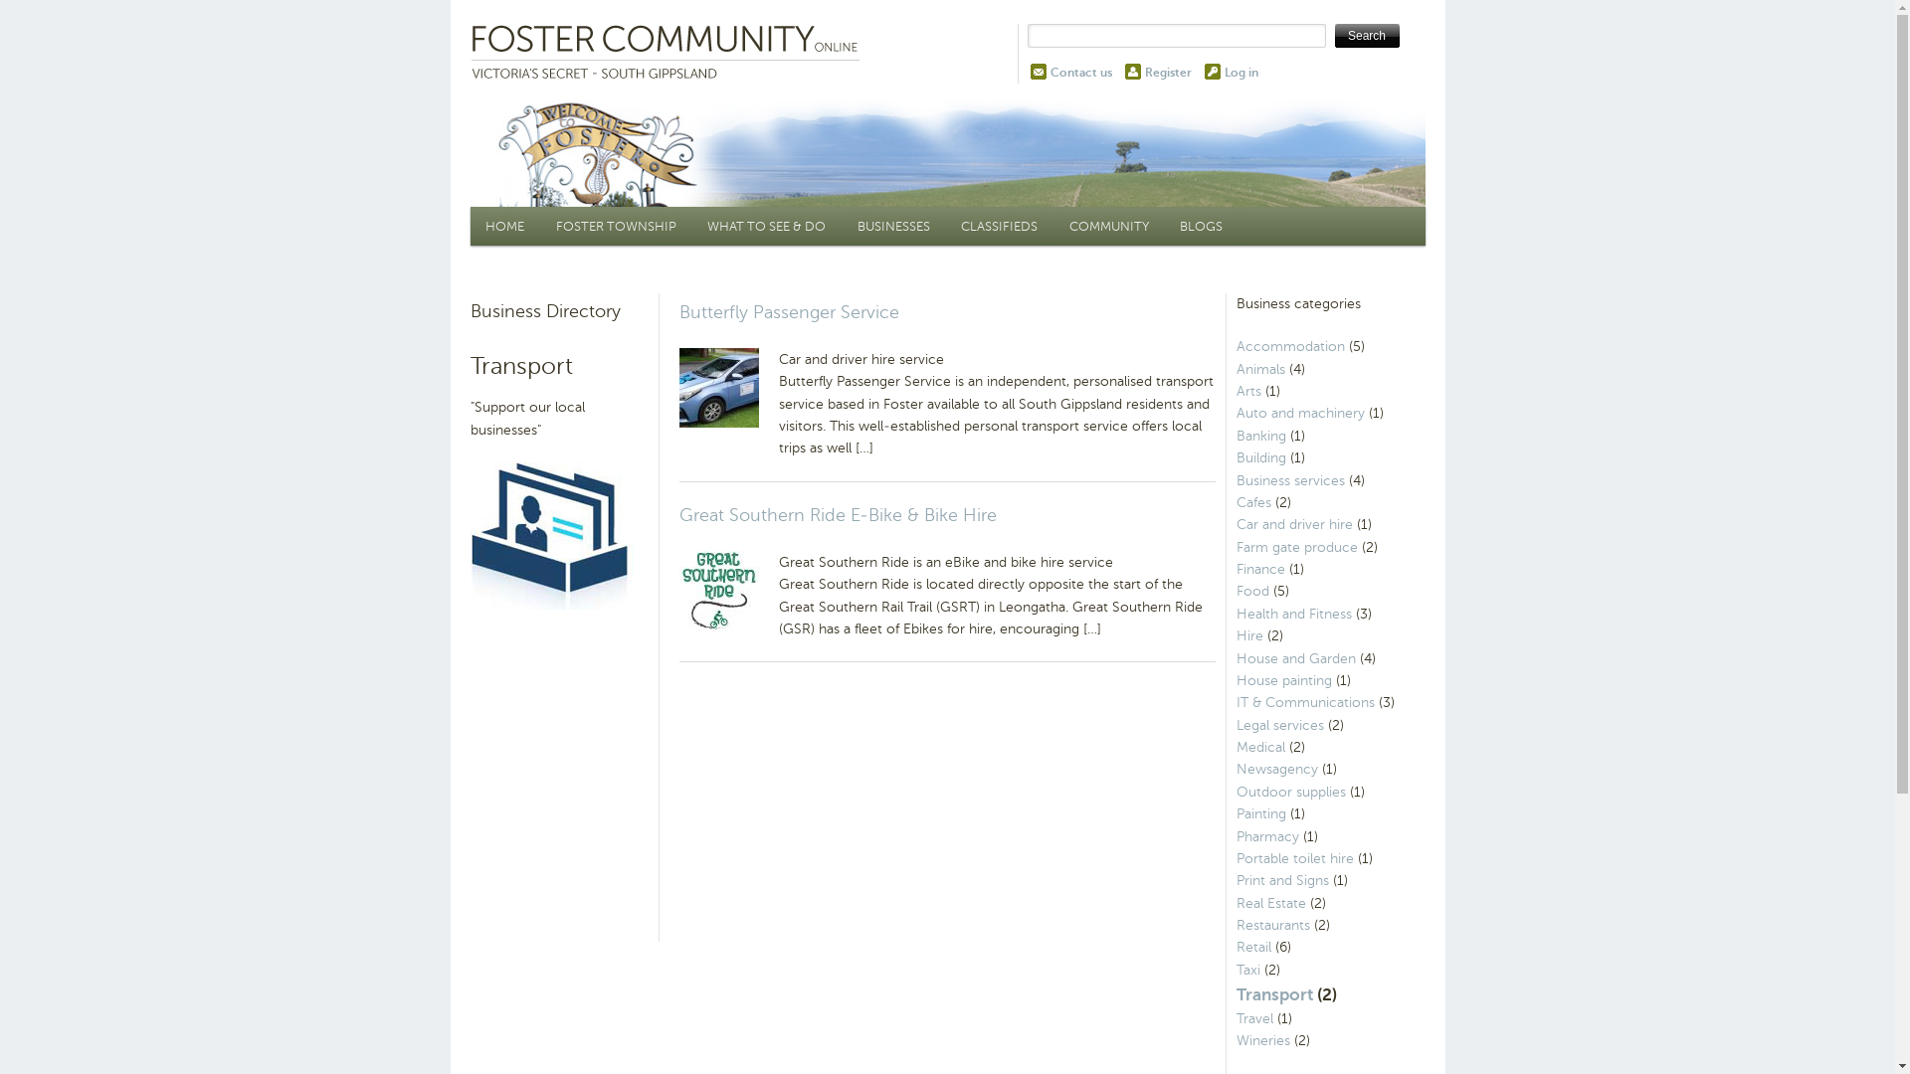  What do you see at coordinates (1289, 480) in the screenshot?
I see `'Business services'` at bounding box center [1289, 480].